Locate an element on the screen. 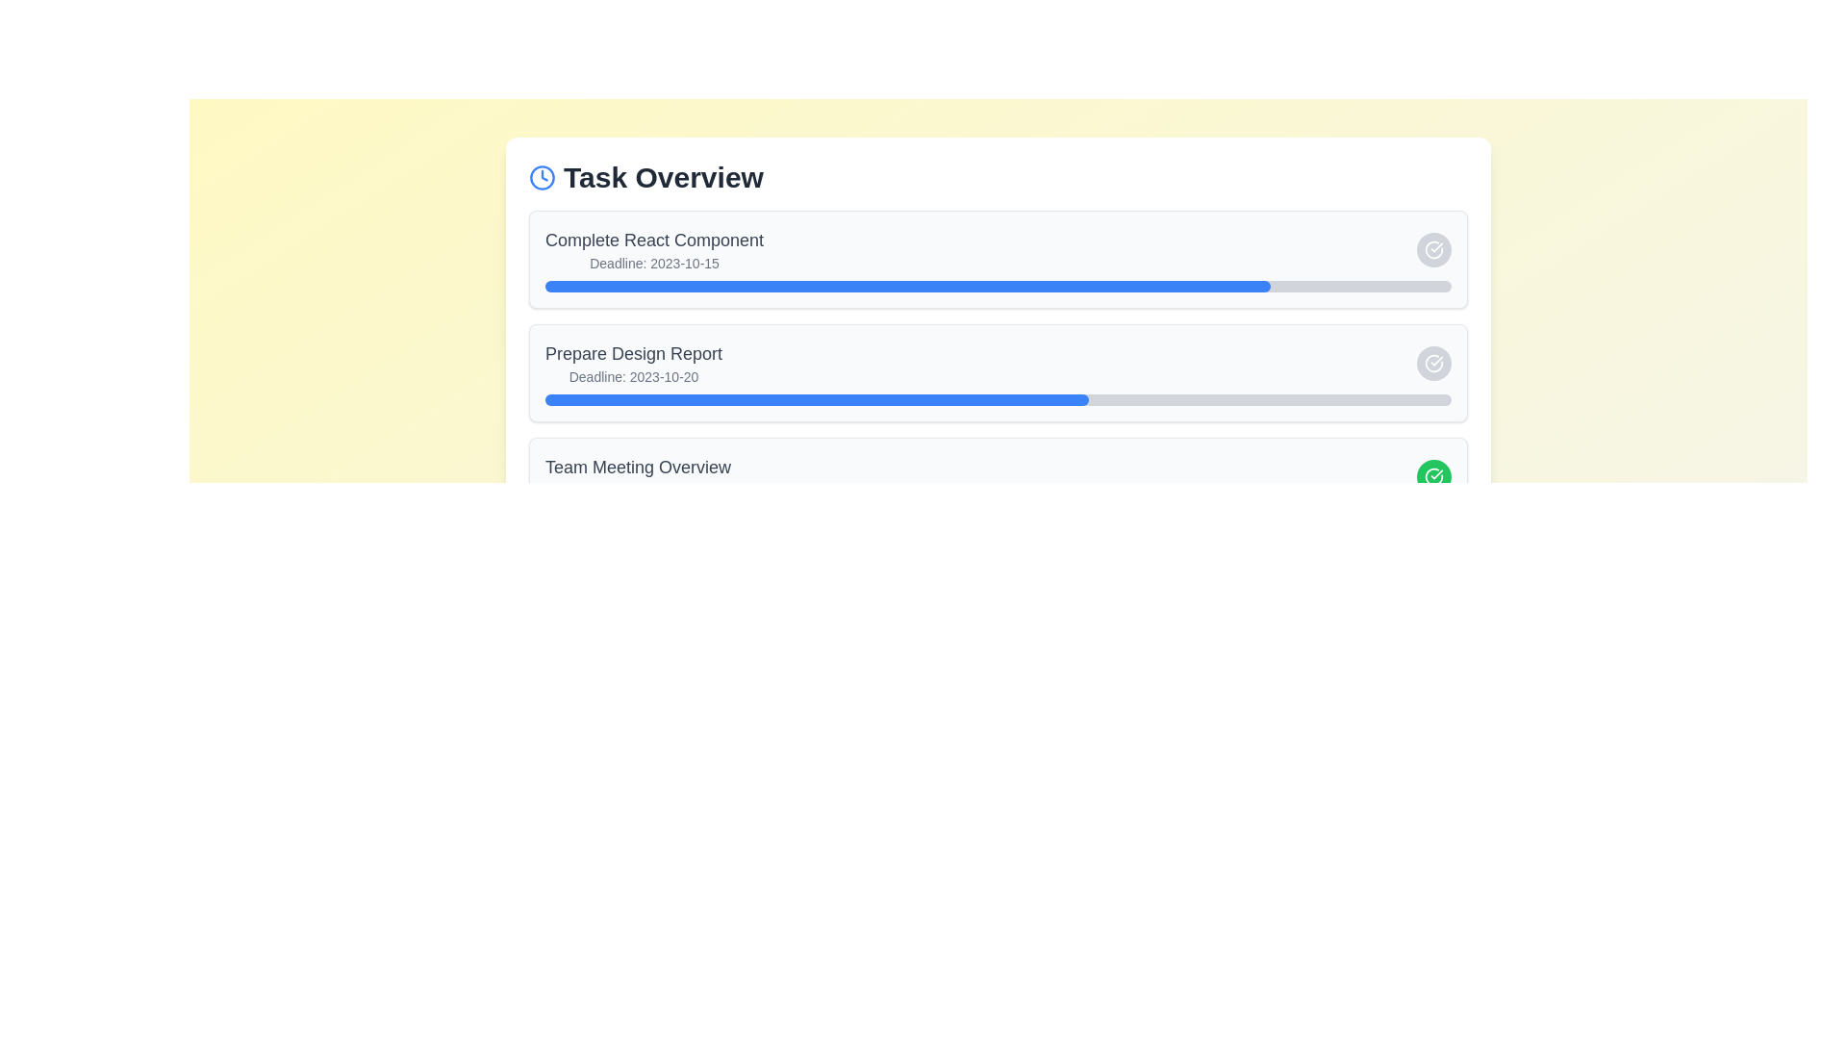 The image size is (1847, 1039). the upper-left segment of the circular checkmark icon at the end of the 'Prepare Design Report' progress bar is located at coordinates (1434, 248).